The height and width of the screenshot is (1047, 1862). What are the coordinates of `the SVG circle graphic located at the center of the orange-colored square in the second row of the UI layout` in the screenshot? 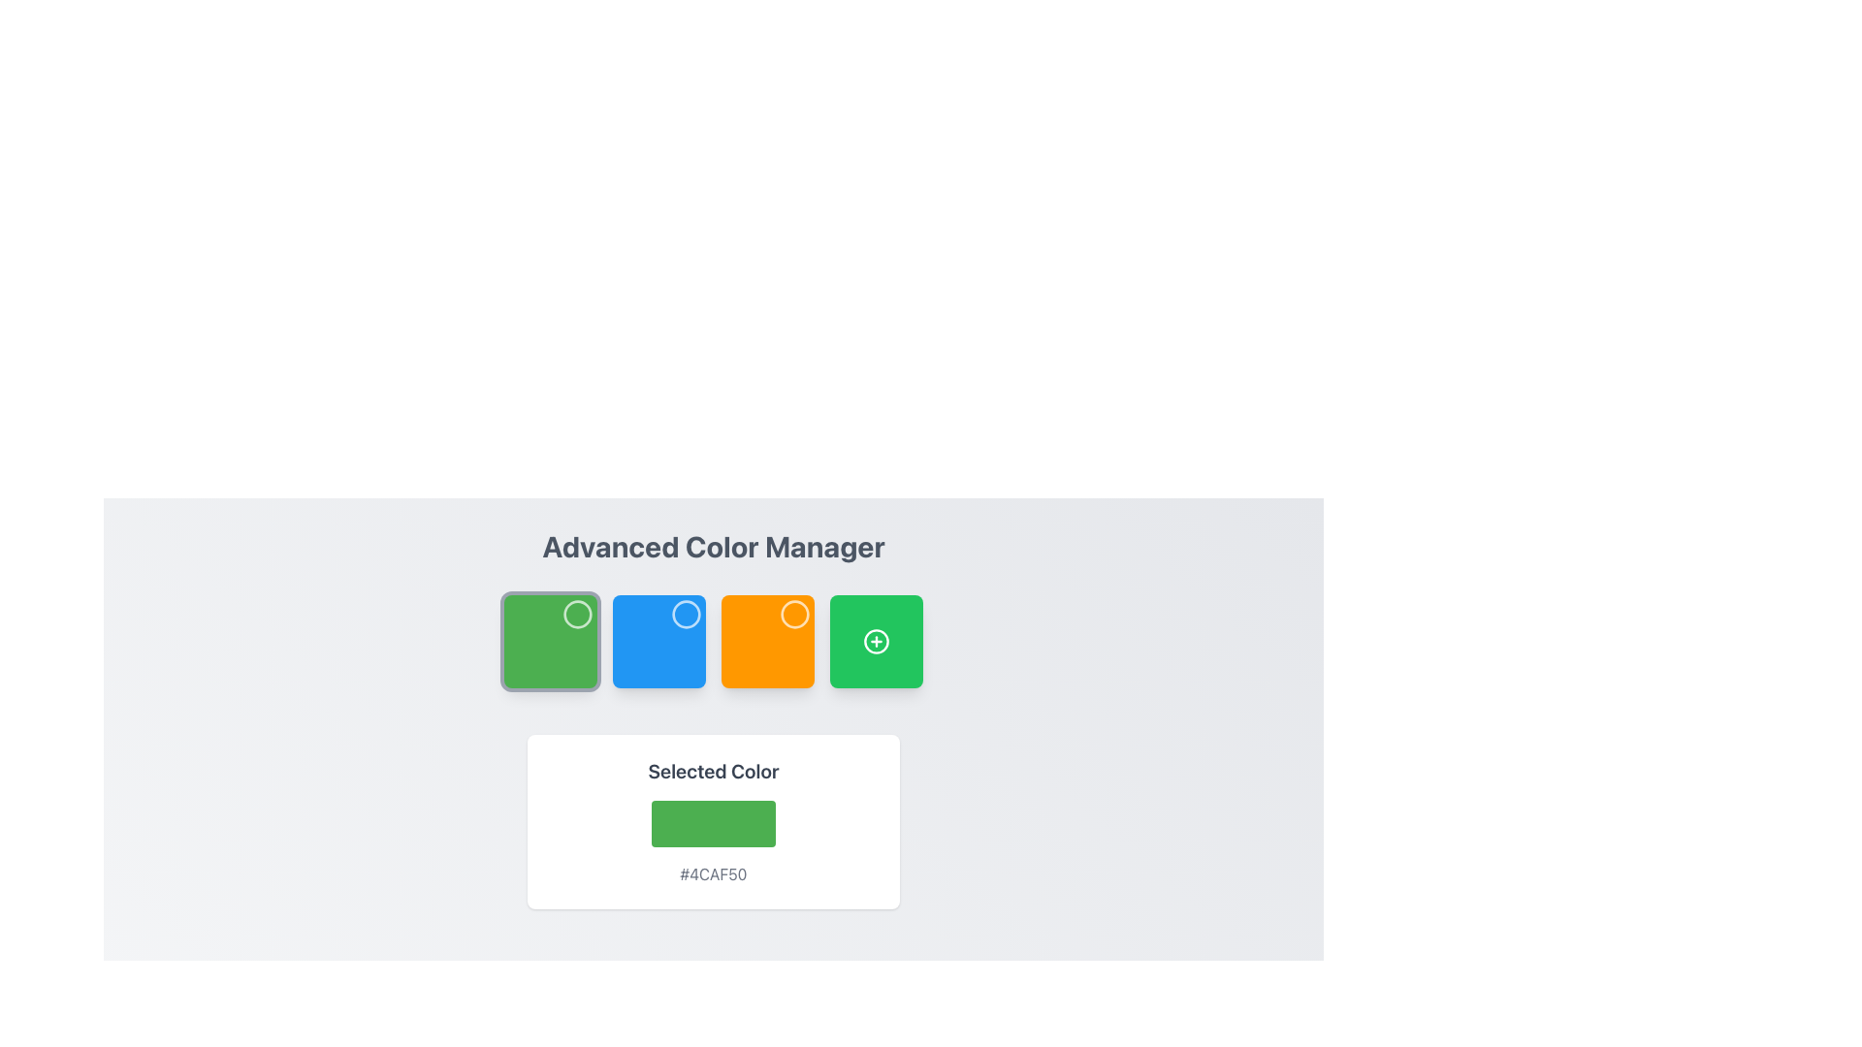 It's located at (795, 614).